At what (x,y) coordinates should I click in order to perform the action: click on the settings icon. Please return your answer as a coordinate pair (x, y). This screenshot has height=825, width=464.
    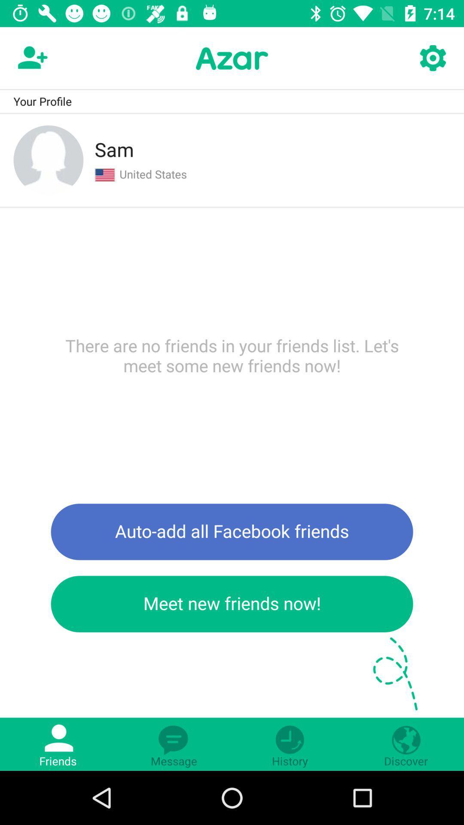
    Looking at the image, I should click on (432, 58).